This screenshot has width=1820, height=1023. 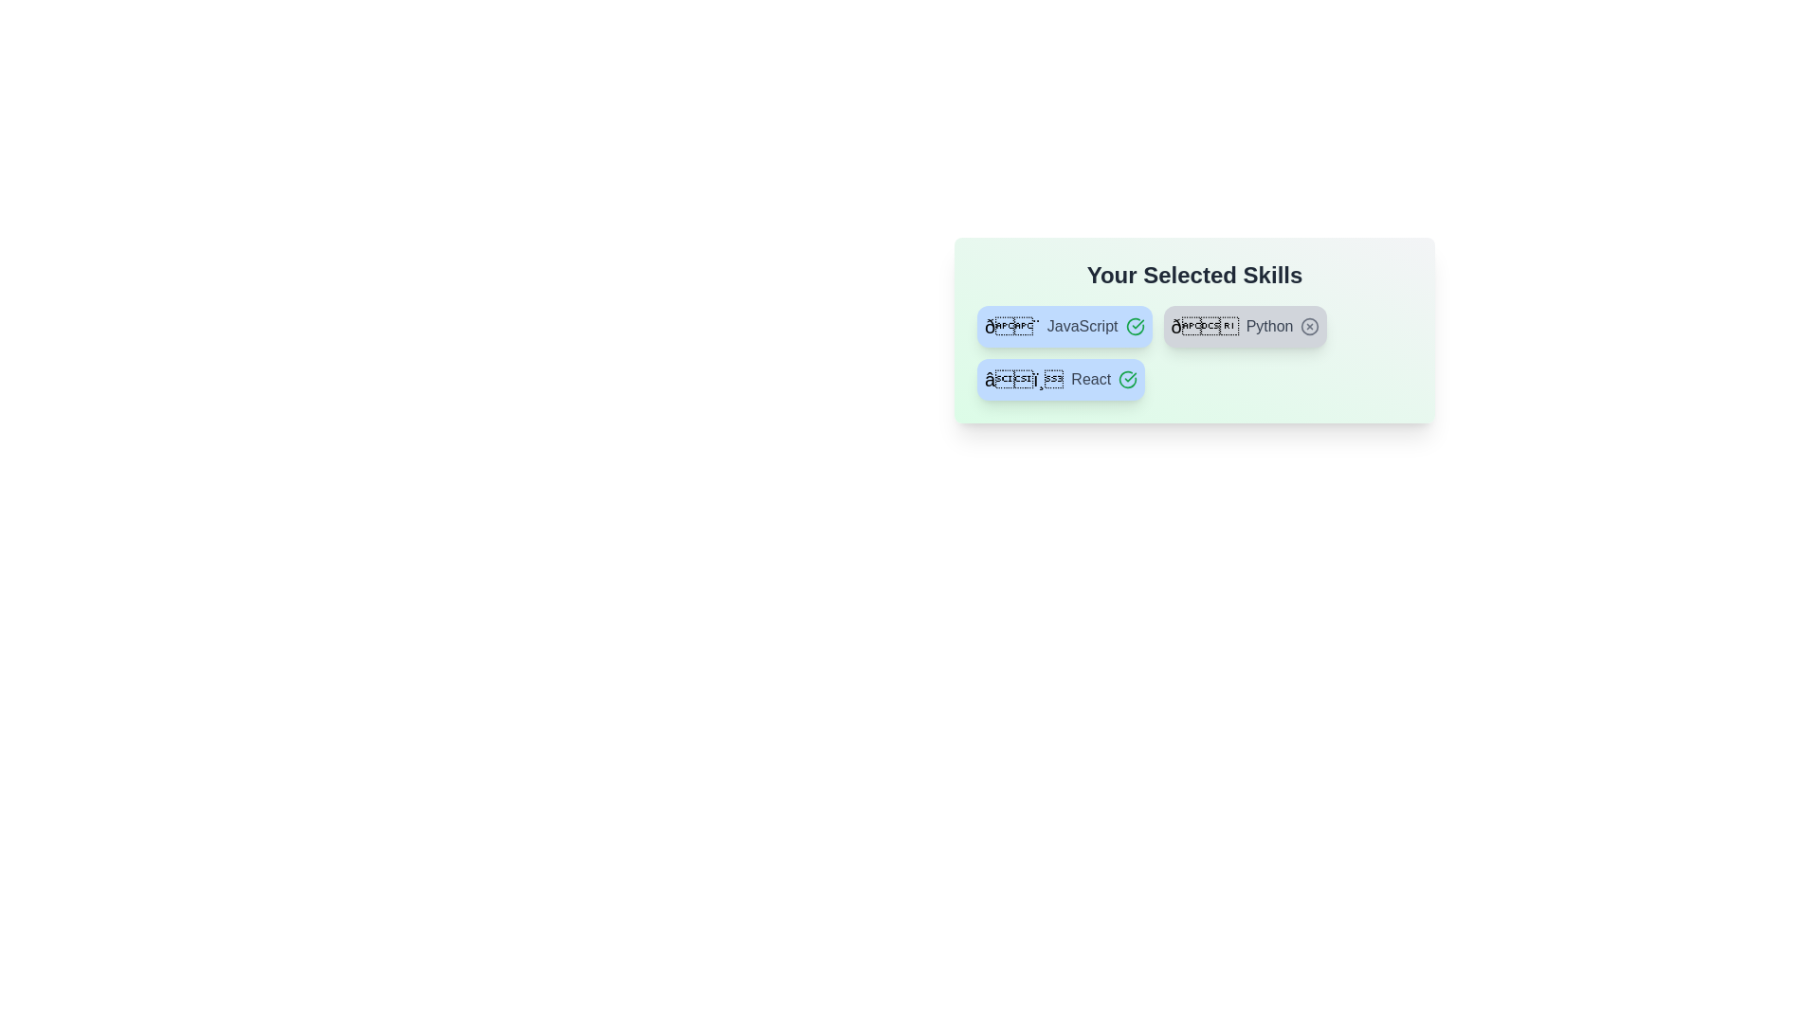 I want to click on the skill chip labeled JavaScript, so click(x=1065, y=325).